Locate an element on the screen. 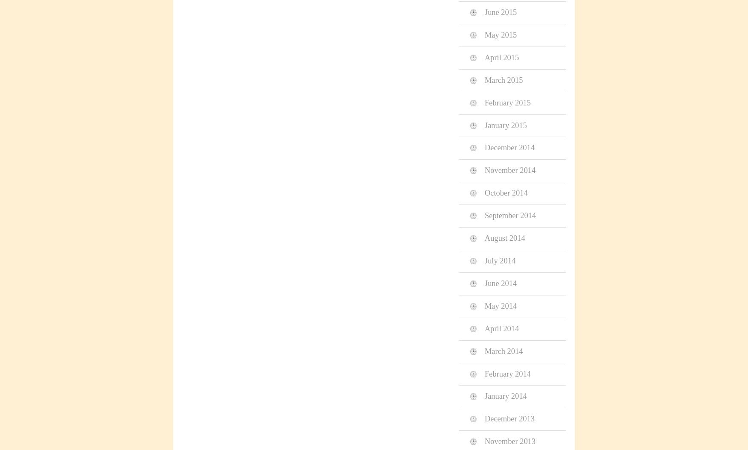 This screenshot has width=748, height=450. 'December 2013' is located at coordinates (484, 418).